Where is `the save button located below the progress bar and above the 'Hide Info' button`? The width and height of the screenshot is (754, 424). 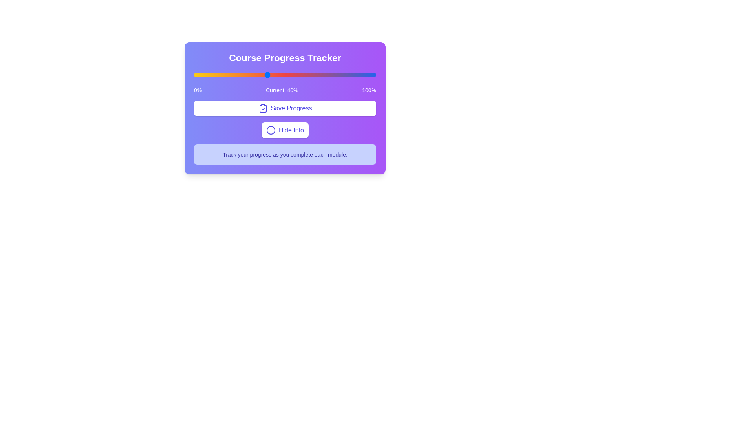
the save button located below the progress bar and above the 'Hide Info' button is located at coordinates (284, 108).